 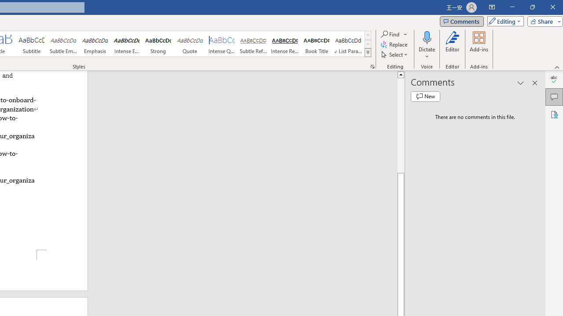 I want to click on 'New comment', so click(x=425, y=96).